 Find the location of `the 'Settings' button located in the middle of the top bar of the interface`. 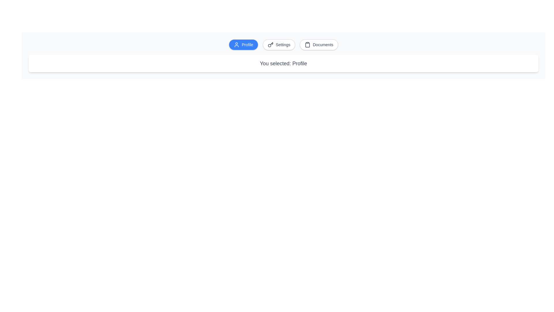

the 'Settings' button located in the middle of the top bar of the interface is located at coordinates (279, 44).